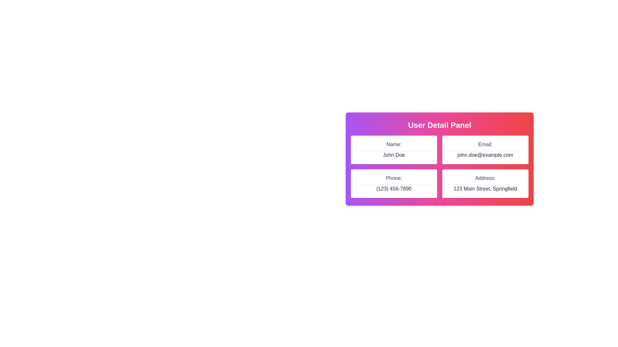 Image resolution: width=618 pixels, height=347 pixels. Describe the element at coordinates (394, 183) in the screenshot. I see `the informational card displaying 'Phone:' and the number '(123) 456-7890' in the User Detail Panel, located in the third grid item` at that location.